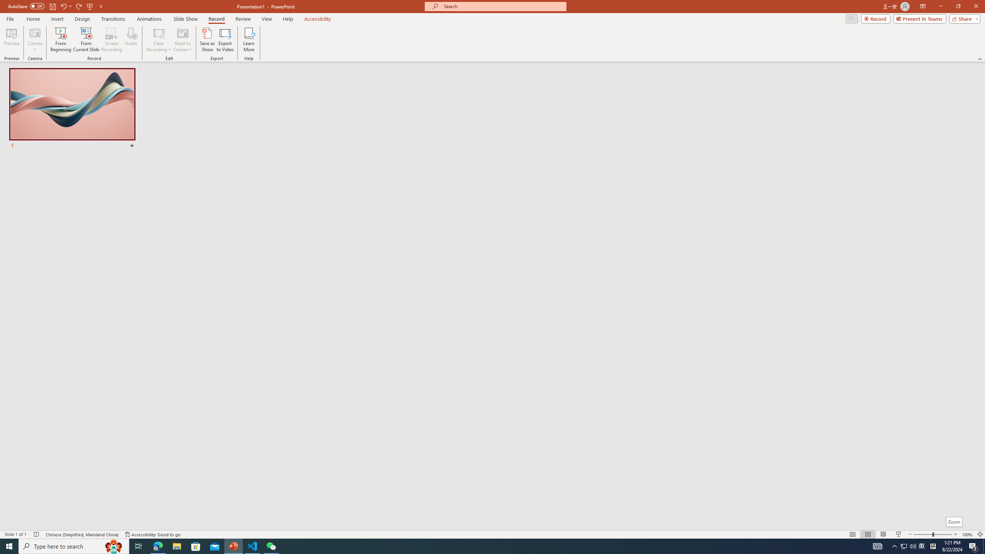 The height and width of the screenshot is (554, 985). I want to click on 'From Current Slide...', so click(86, 40).